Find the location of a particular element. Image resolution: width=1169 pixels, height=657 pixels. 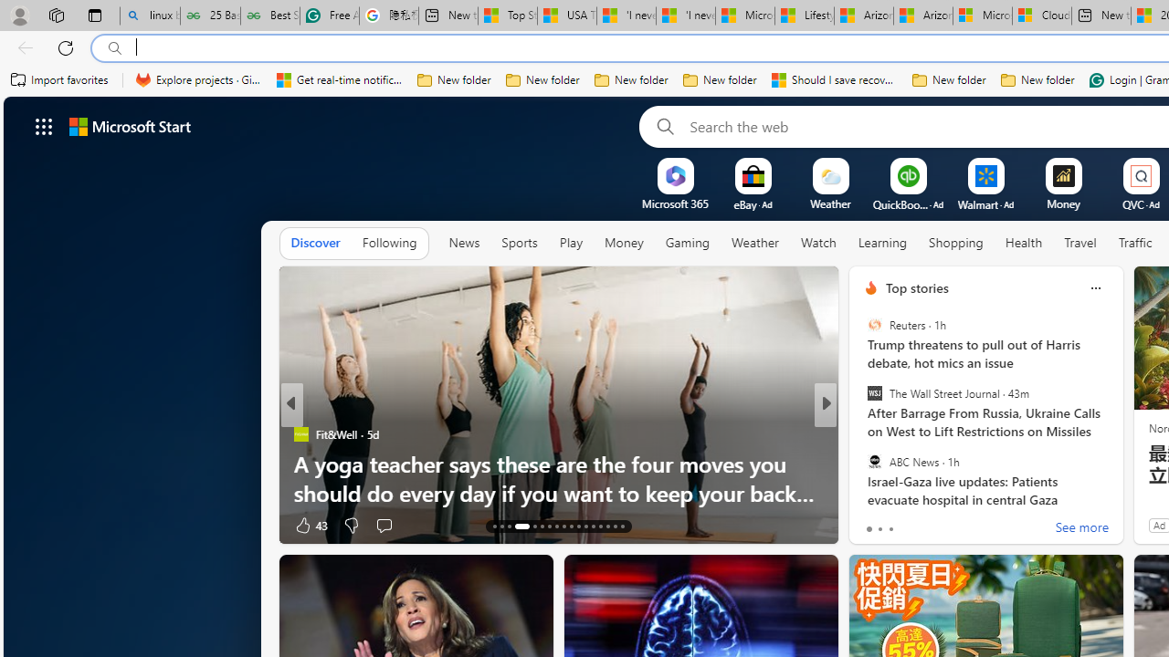

'USA TODAY - MSN' is located at coordinates (565, 16).